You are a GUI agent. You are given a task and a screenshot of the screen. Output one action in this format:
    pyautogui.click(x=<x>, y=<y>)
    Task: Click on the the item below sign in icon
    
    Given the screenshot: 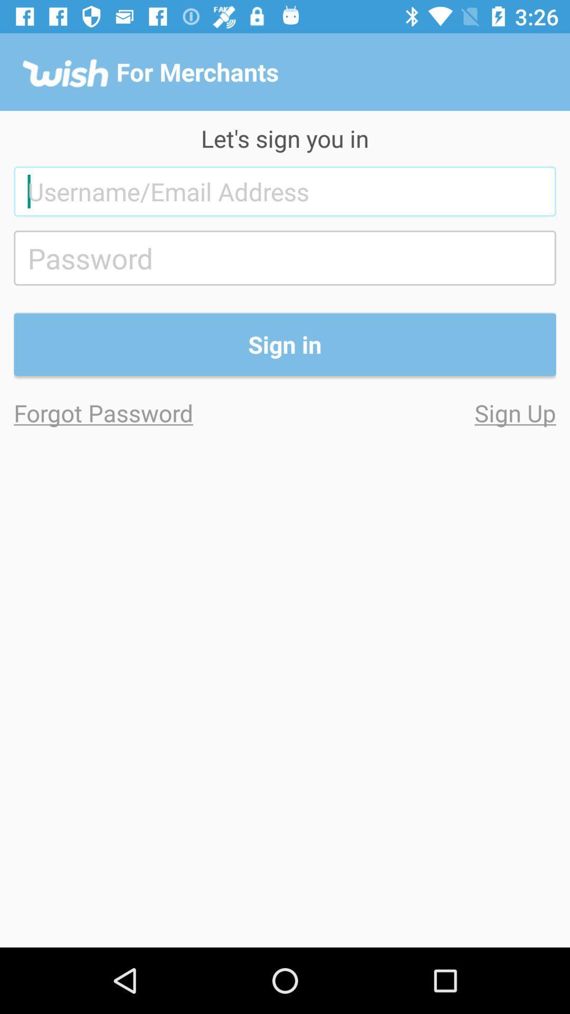 What is the action you would take?
    pyautogui.click(x=149, y=412)
    